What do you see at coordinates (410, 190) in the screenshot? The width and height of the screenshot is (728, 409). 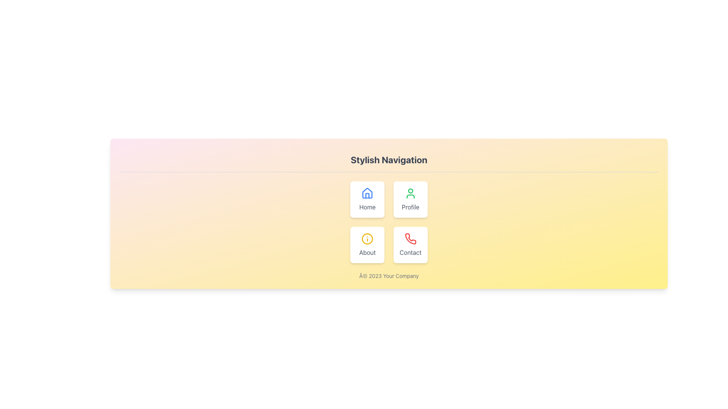 I see `the decorative circular graphical component within the user profile icon, which is the second icon in a horizontal row of four icons in the navigation interface` at bounding box center [410, 190].